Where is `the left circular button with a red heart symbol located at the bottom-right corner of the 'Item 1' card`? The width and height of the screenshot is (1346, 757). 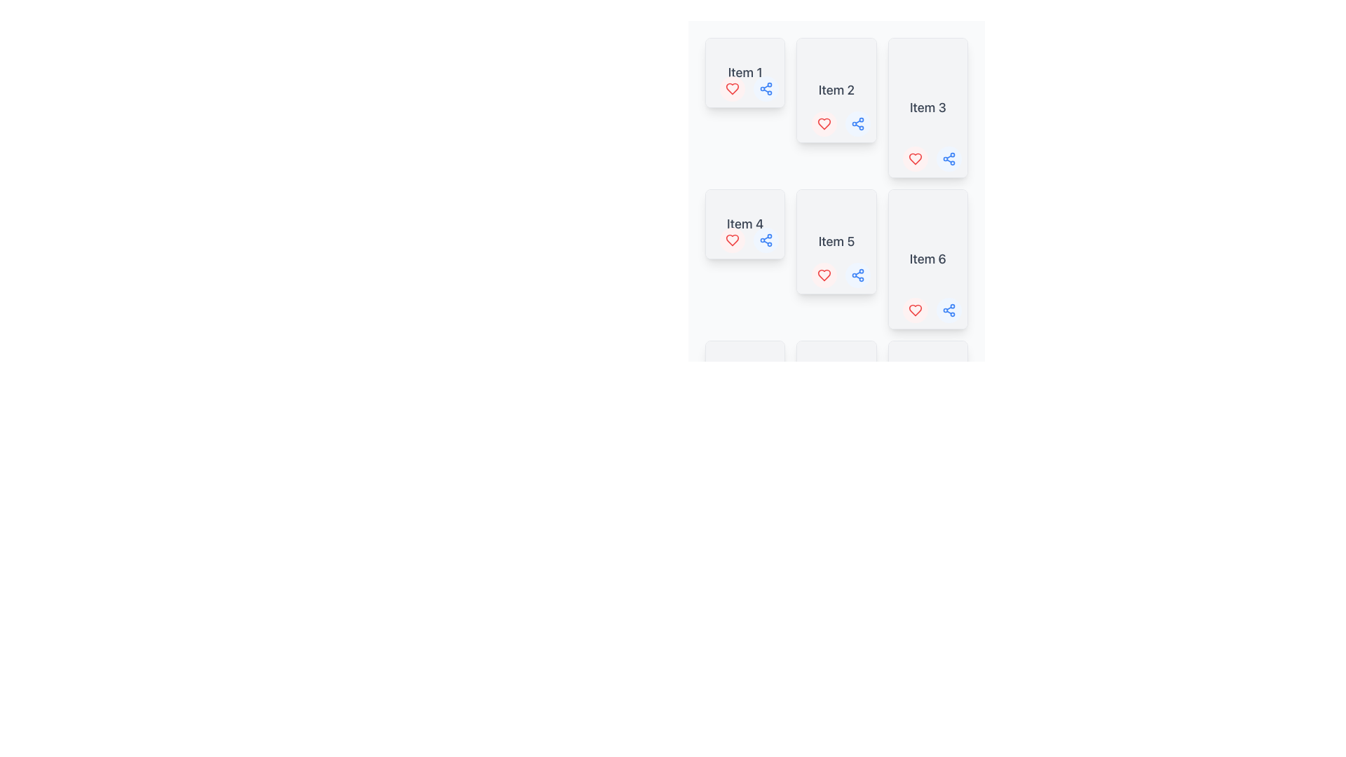 the left circular button with a red heart symbol located at the bottom-right corner of the 'Item 1' card is located at coordinates (749, 89).